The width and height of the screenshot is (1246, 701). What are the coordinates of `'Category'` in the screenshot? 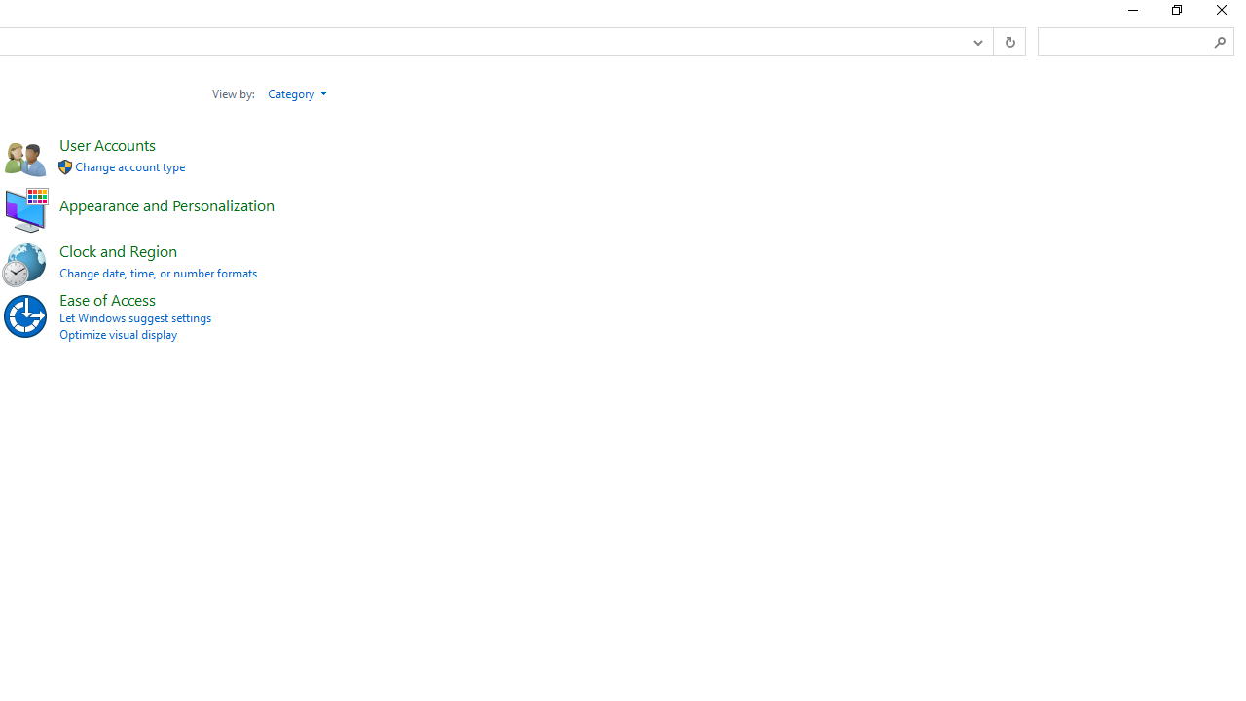 It's located at (296, 93).